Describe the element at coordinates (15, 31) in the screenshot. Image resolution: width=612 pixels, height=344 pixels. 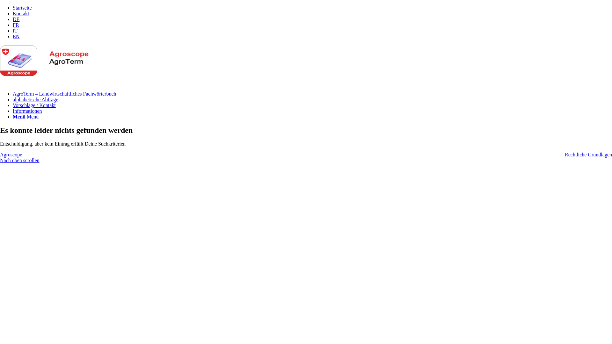
I see `'IT'` at that location.